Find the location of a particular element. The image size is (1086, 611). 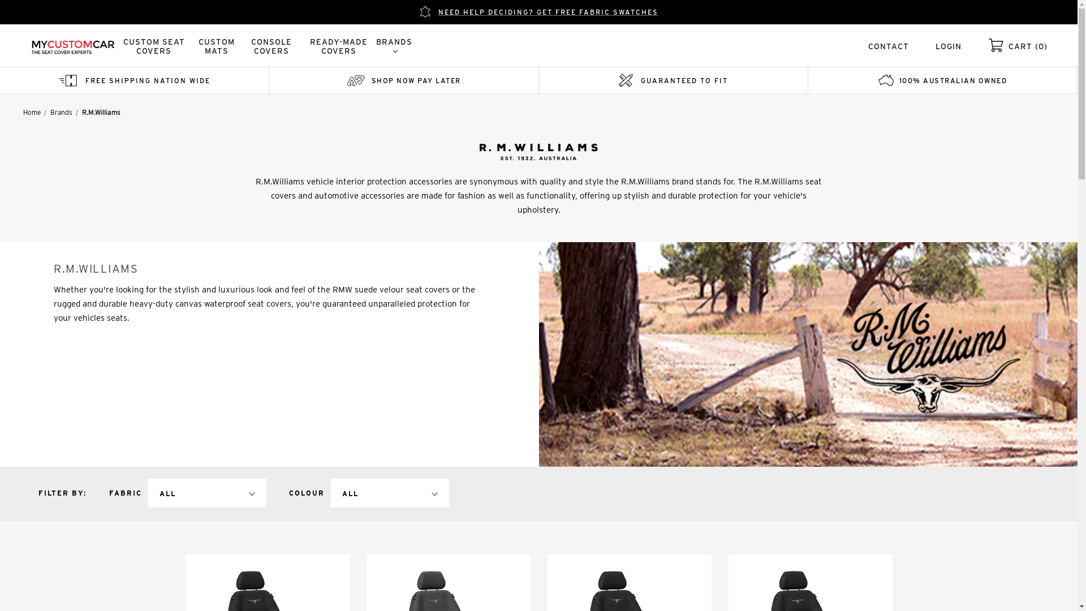

'CUSTOM SEAT COVERS' is located at coordinates (153, 45).